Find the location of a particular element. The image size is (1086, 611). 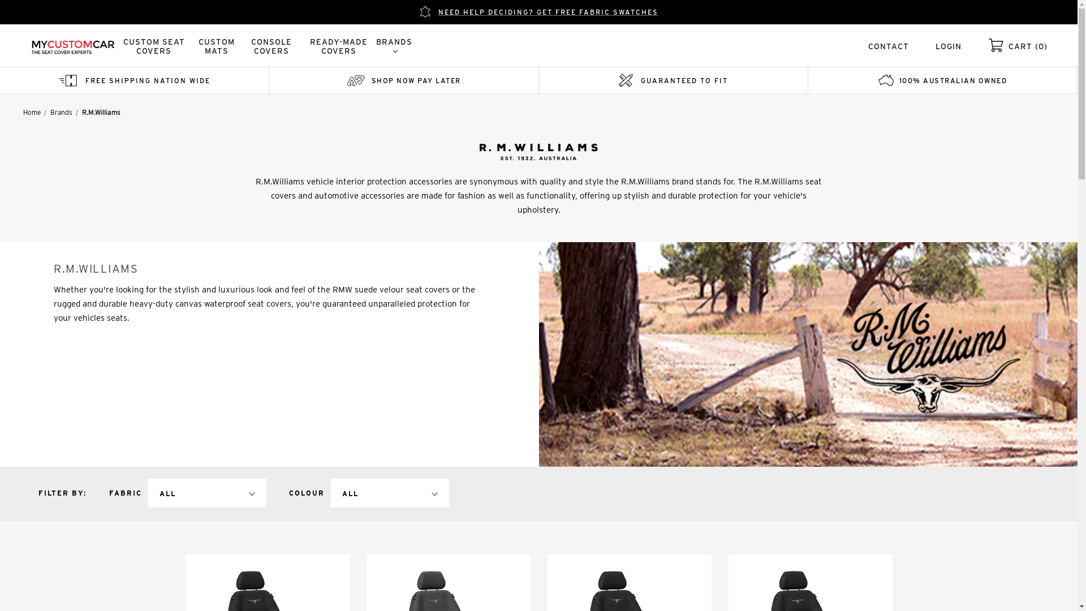

'CUSTOM SEAT COVERS' is located at coordinates (153, 45).